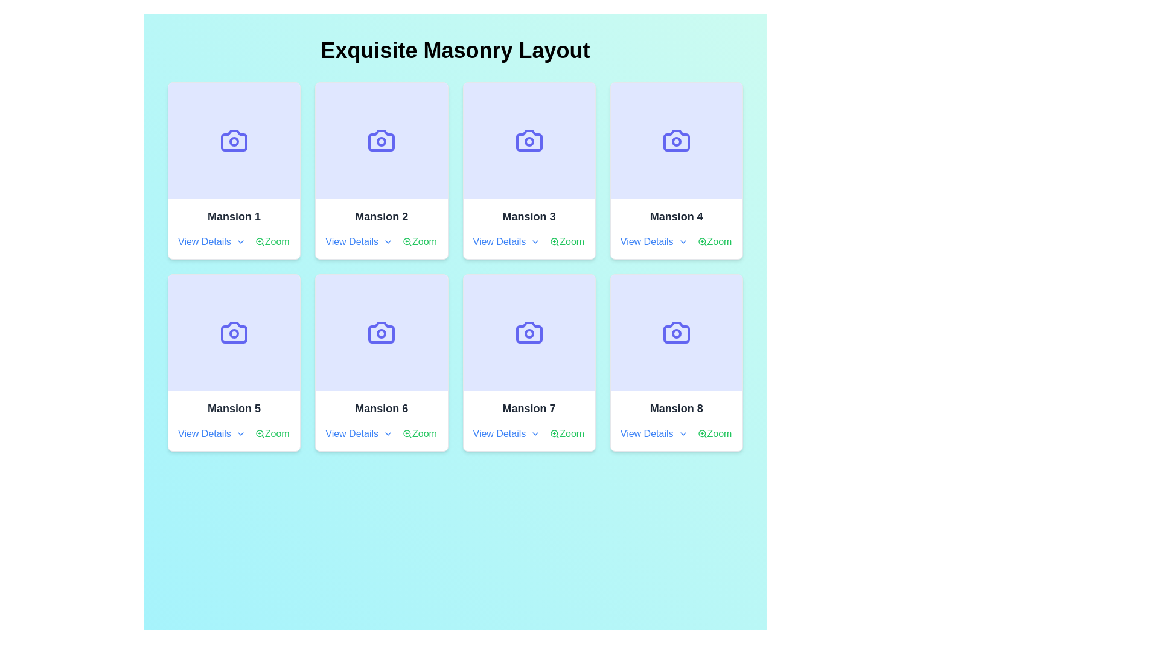  I want to click on the SVG circle element representing the zoom-in function within the magnifying glass icon located in the lower right part of the 'Mansion 2' tile, so click(407, 241).